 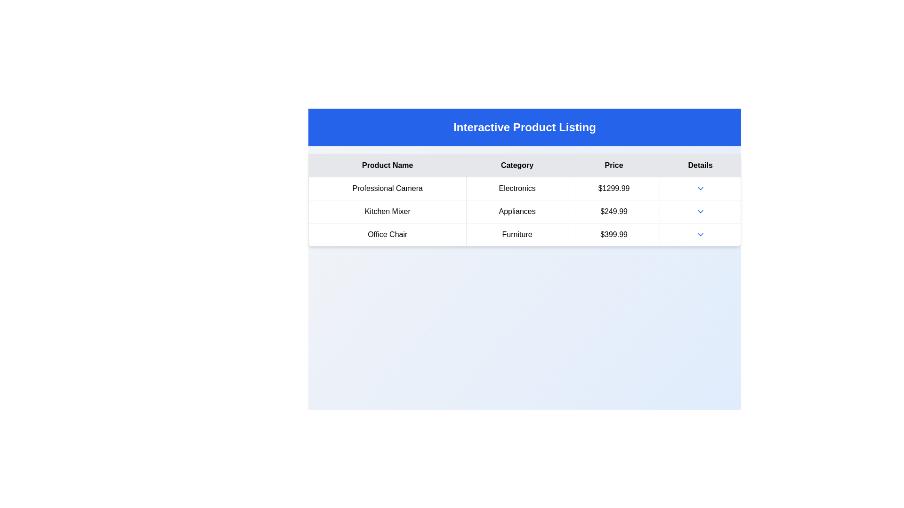 What do you see at coordinates (700, 234) in the screenshot?
I see `the dropdown trigger icon` at bounding box center [700, 234].